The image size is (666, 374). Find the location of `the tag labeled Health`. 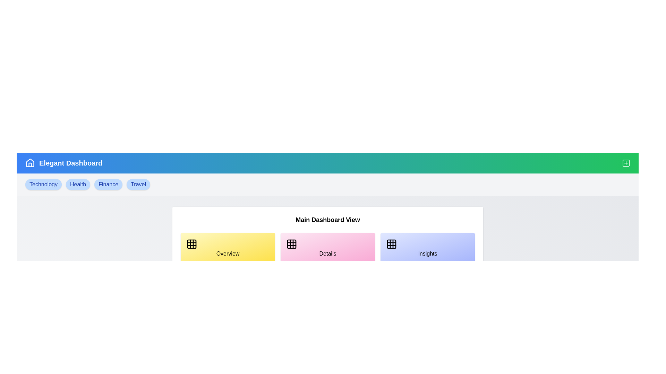

the tag labeled Health is located at coordinates (78, 184).